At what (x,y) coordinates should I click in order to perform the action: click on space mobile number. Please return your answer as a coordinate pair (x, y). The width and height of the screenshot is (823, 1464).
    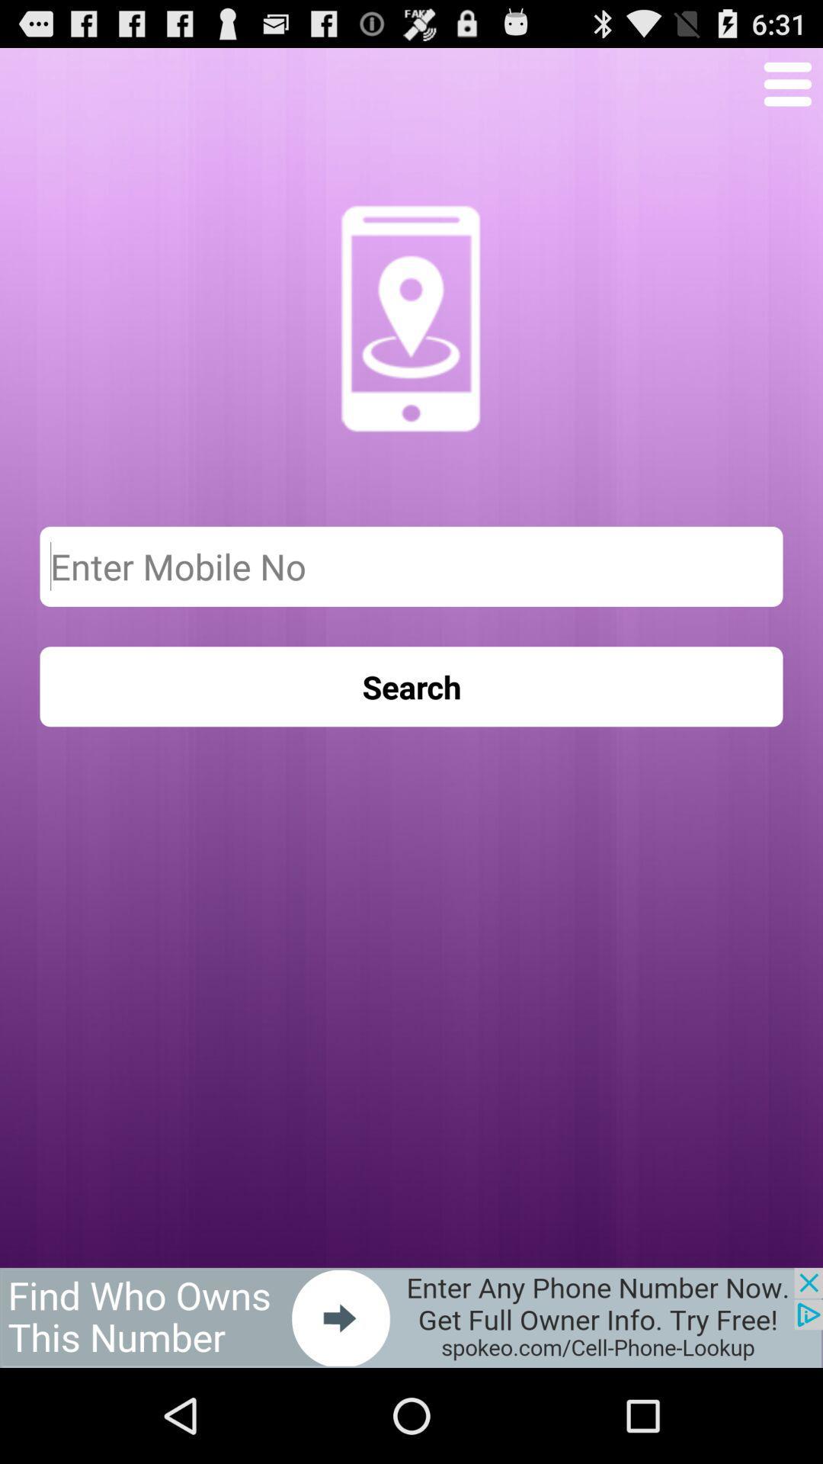
    Looking at the image, I should click on (411, 566).